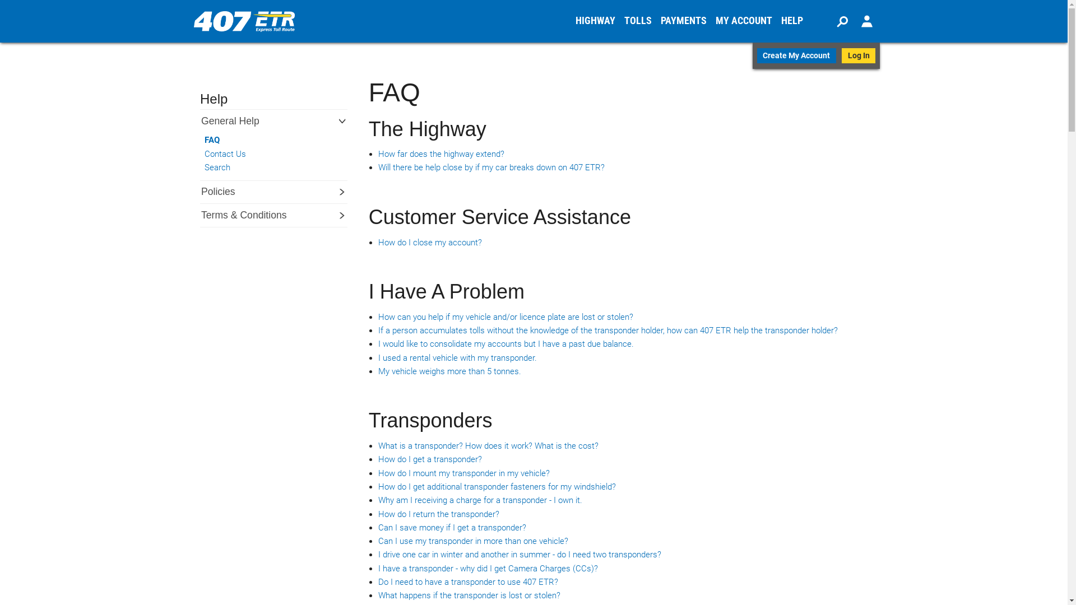 This screenshot has width=1076, height=605. I want to click on 'My vehicle weighs more than 5 tonnes.', so click(449, 371).